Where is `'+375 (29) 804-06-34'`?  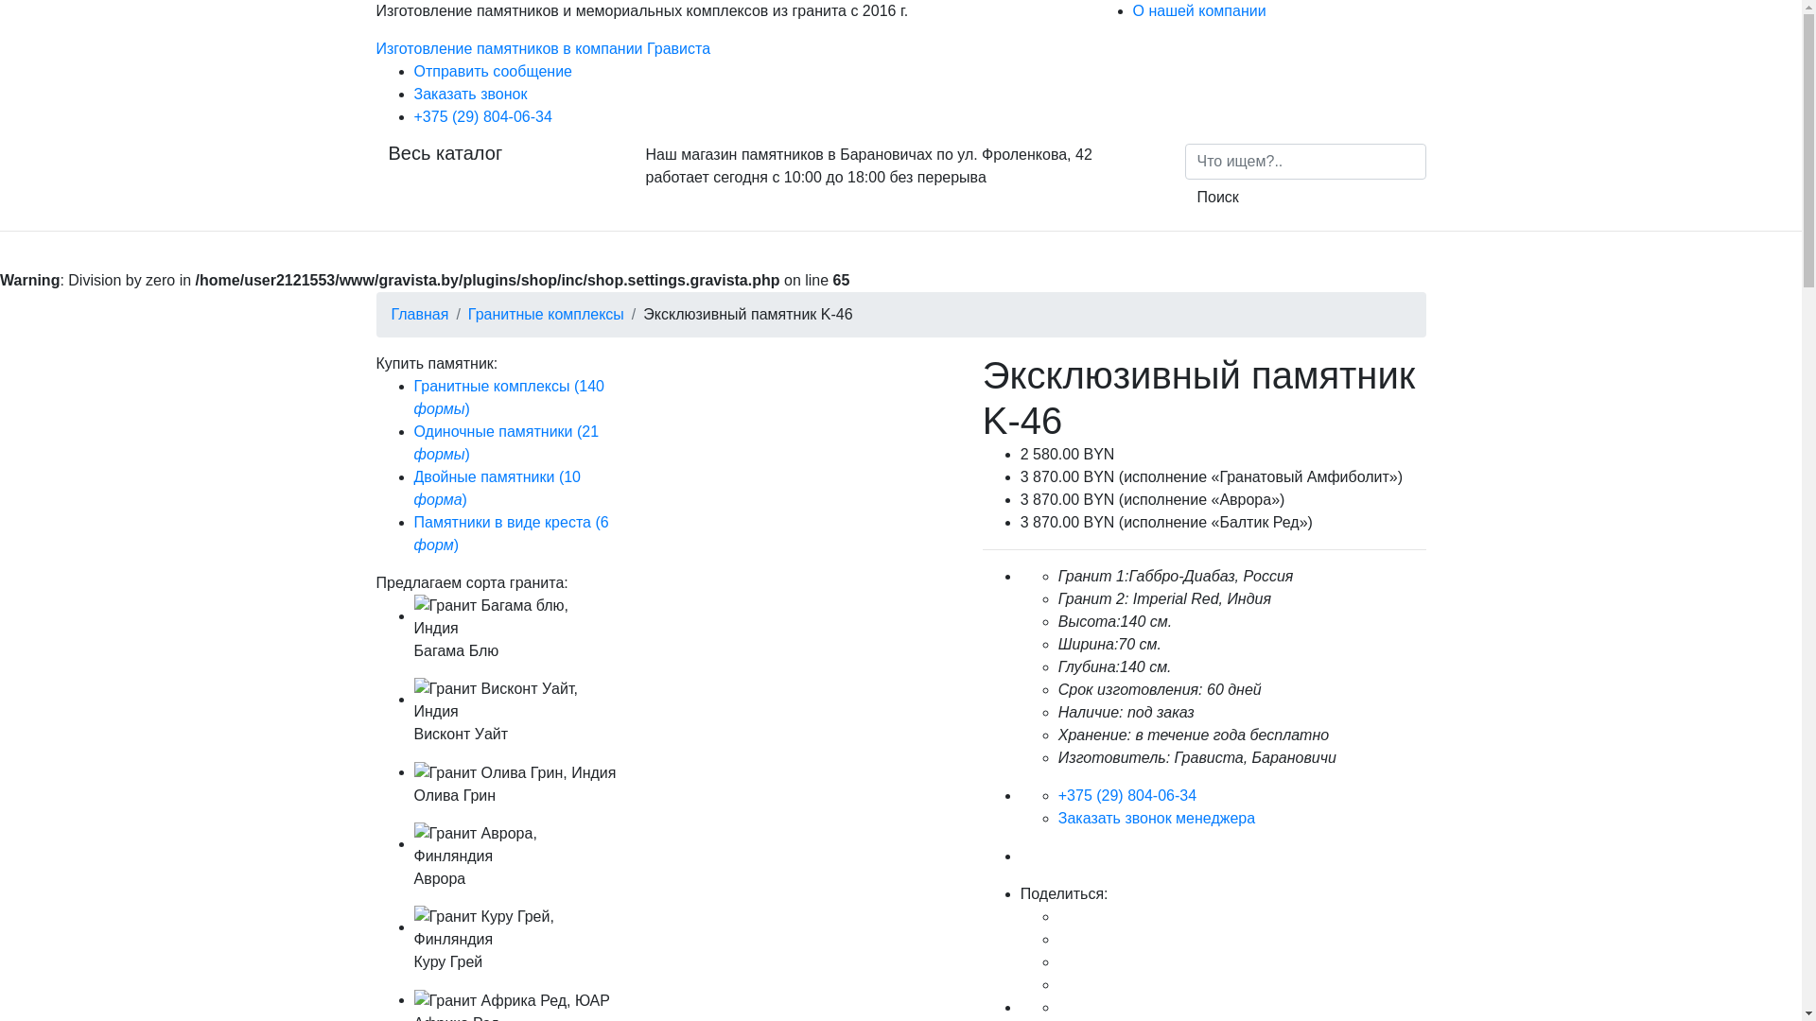
'+375 (29) 804-06-34' is located at coordinates (482, 116).